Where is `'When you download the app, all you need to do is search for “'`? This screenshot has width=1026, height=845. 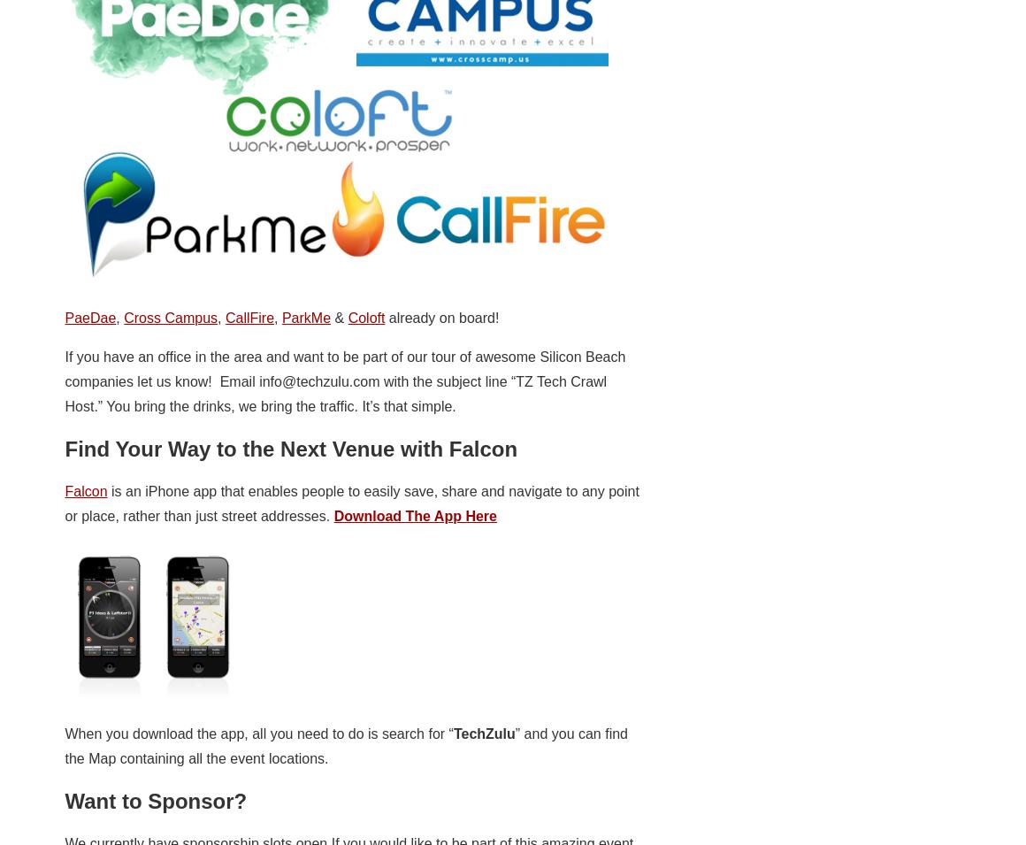
'When you download the app, all you need to do is search for “' is located at coordinates (257, 733).